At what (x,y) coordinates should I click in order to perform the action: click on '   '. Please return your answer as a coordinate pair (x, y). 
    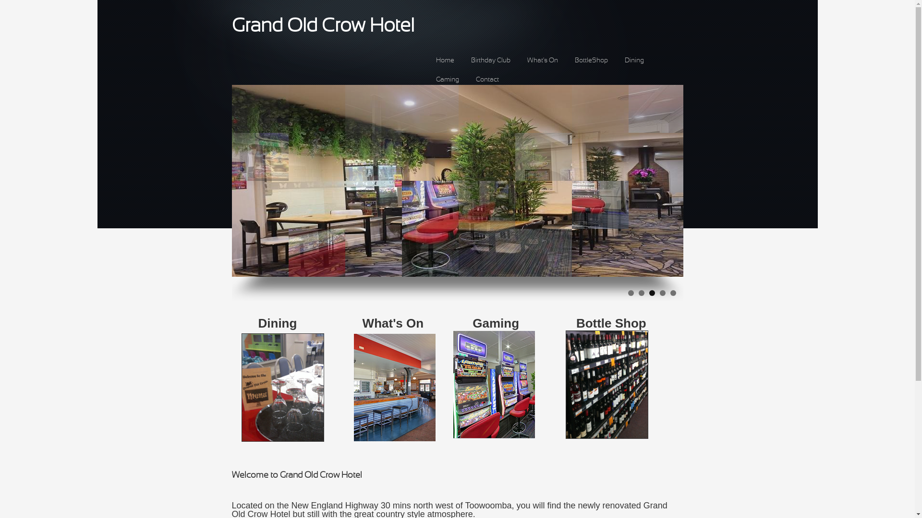
    Looking at the image, I should click on (562, 436).